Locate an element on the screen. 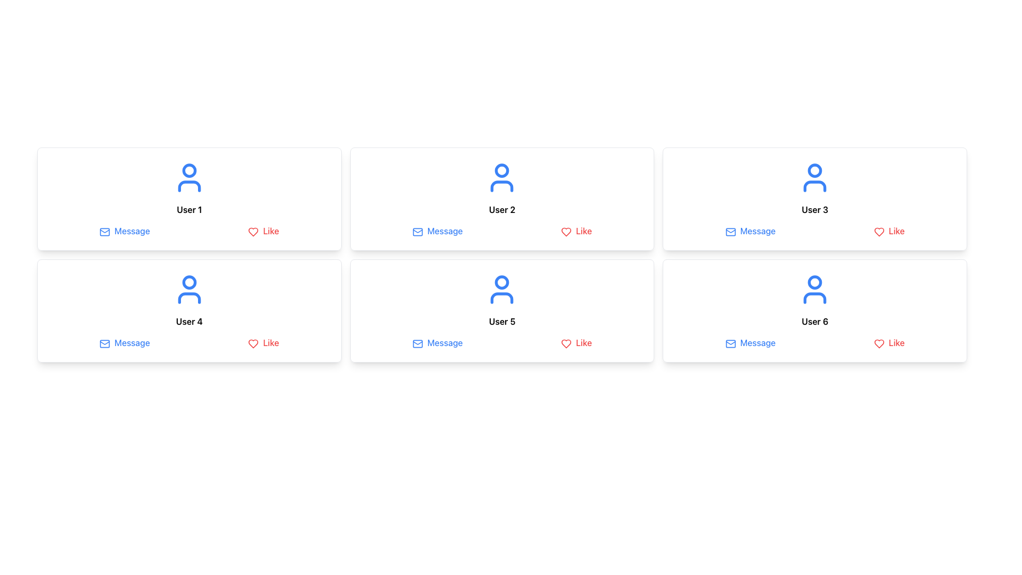 This screenshot has height=575, width=1022. the user icon located at the top center of the card for 'User 1', which serves as a decorative or informative representation of the user is located at coordinates (189, 177).